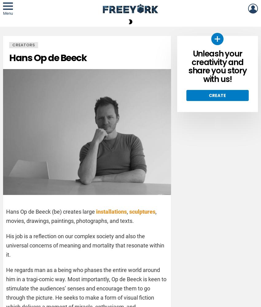 The width and height of the screenshot is (261, 307). Describe the element at coordinates (85, 245) in the screenshot. I see `'His job is a reflection on our complex society and also the universal concerns of meaning and mortality that resonate within it.'` at that location.